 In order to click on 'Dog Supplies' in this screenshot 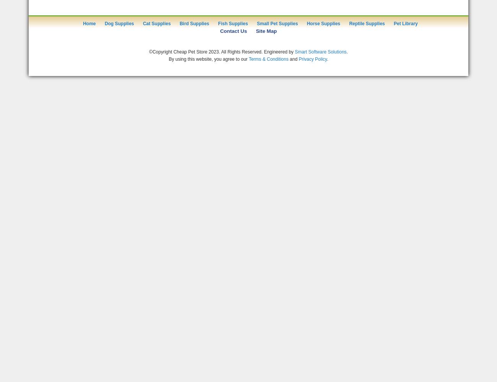, I will do `click(119, 24)`.